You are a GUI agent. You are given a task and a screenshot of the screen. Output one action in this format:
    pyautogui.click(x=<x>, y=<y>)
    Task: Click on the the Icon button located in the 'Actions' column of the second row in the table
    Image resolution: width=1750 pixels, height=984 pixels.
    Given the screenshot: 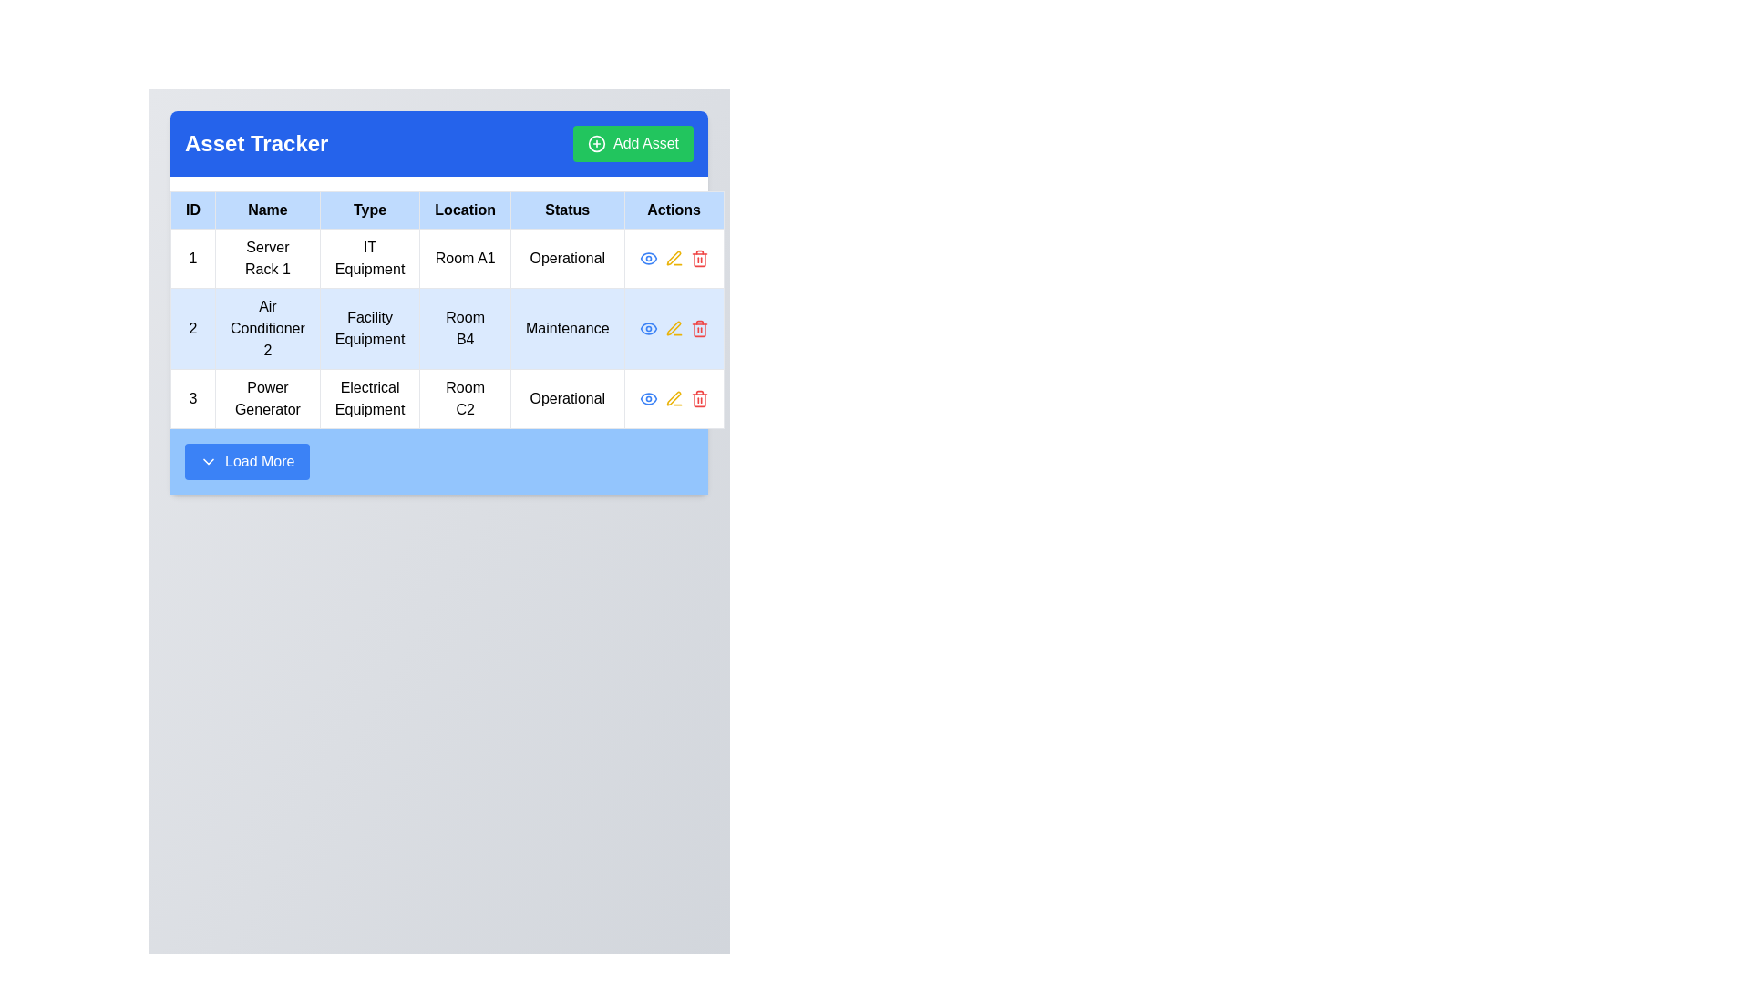 What is the action you would take?
    pyautogui.click(x=648, y=329)
    